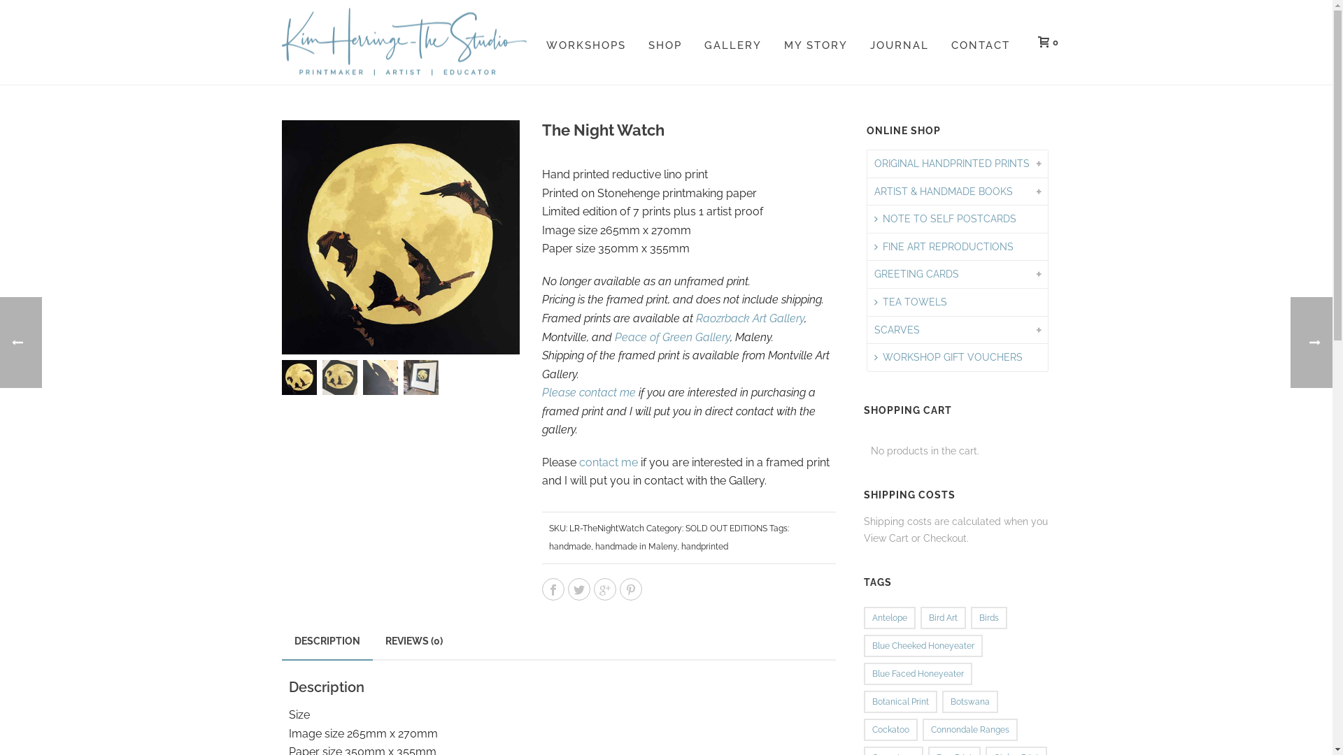 This screenshot has width=1343, height=755. What do you see at coordinates (979, 41) in the screenshot?
I see `'CONTACT'` at bounding box center [979, 41].